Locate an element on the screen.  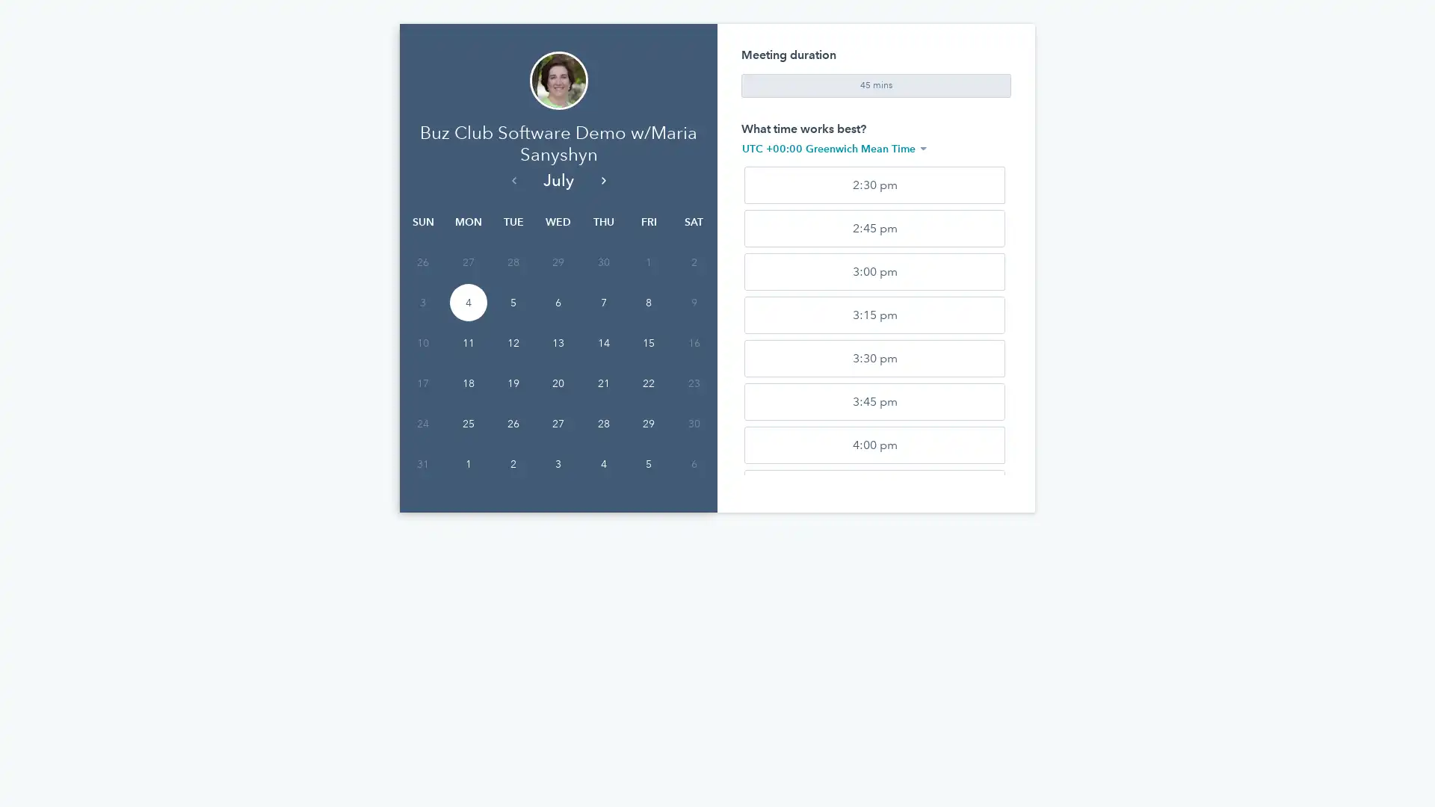
July 31st is located at coordinates (422, 520).